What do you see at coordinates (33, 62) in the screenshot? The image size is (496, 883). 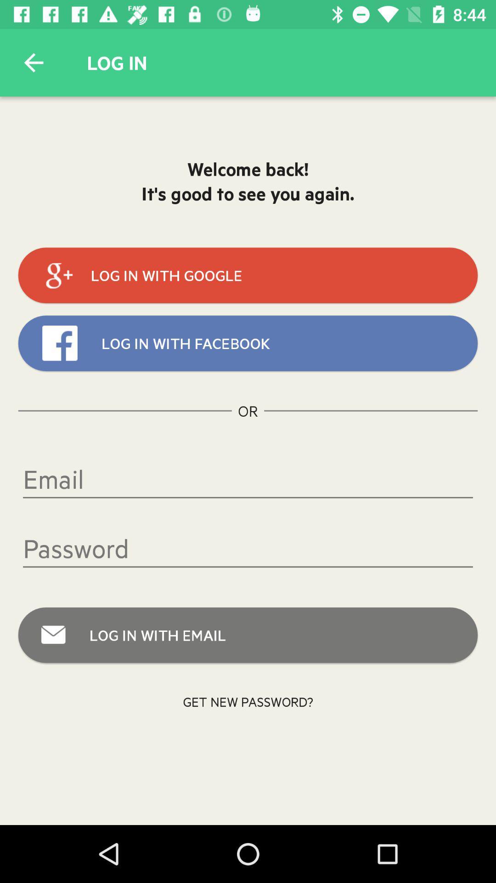 I see `the icon next to log in icon` at bounding box center [33, 62].